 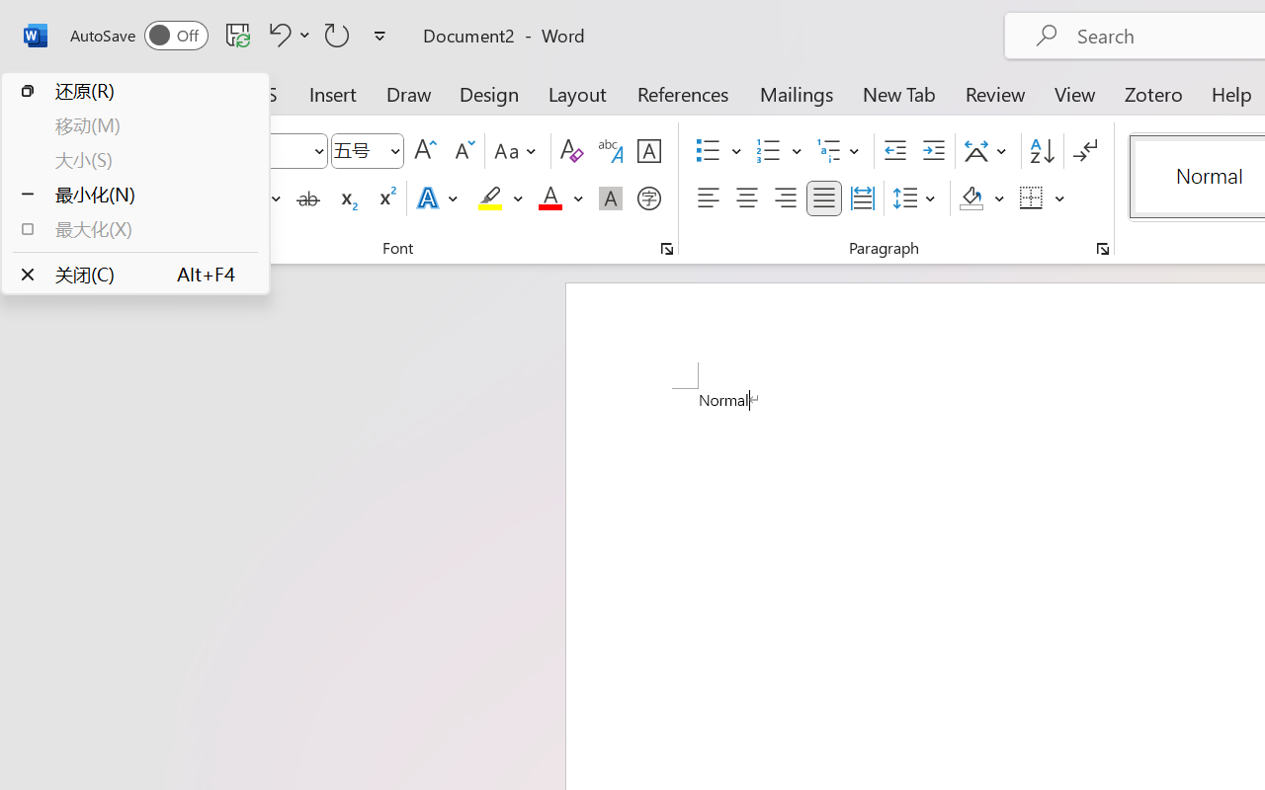 What do you see at coordinates (462, 151) in the screenshot?
I see `'Shrink Font'` at bounding box center [462, 151].